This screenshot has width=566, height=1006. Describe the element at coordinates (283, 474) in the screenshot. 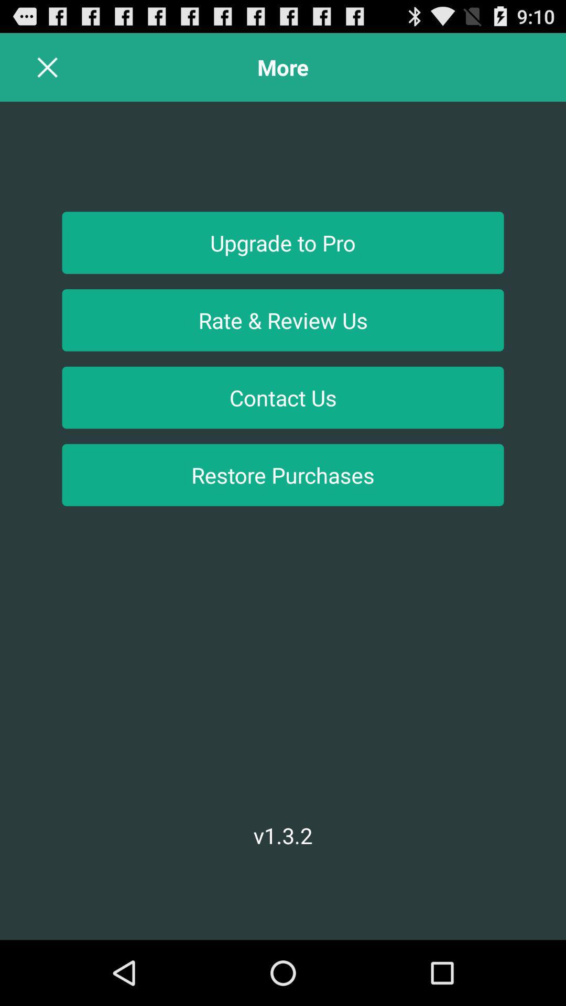

I see `restore purchases icon` at that location.